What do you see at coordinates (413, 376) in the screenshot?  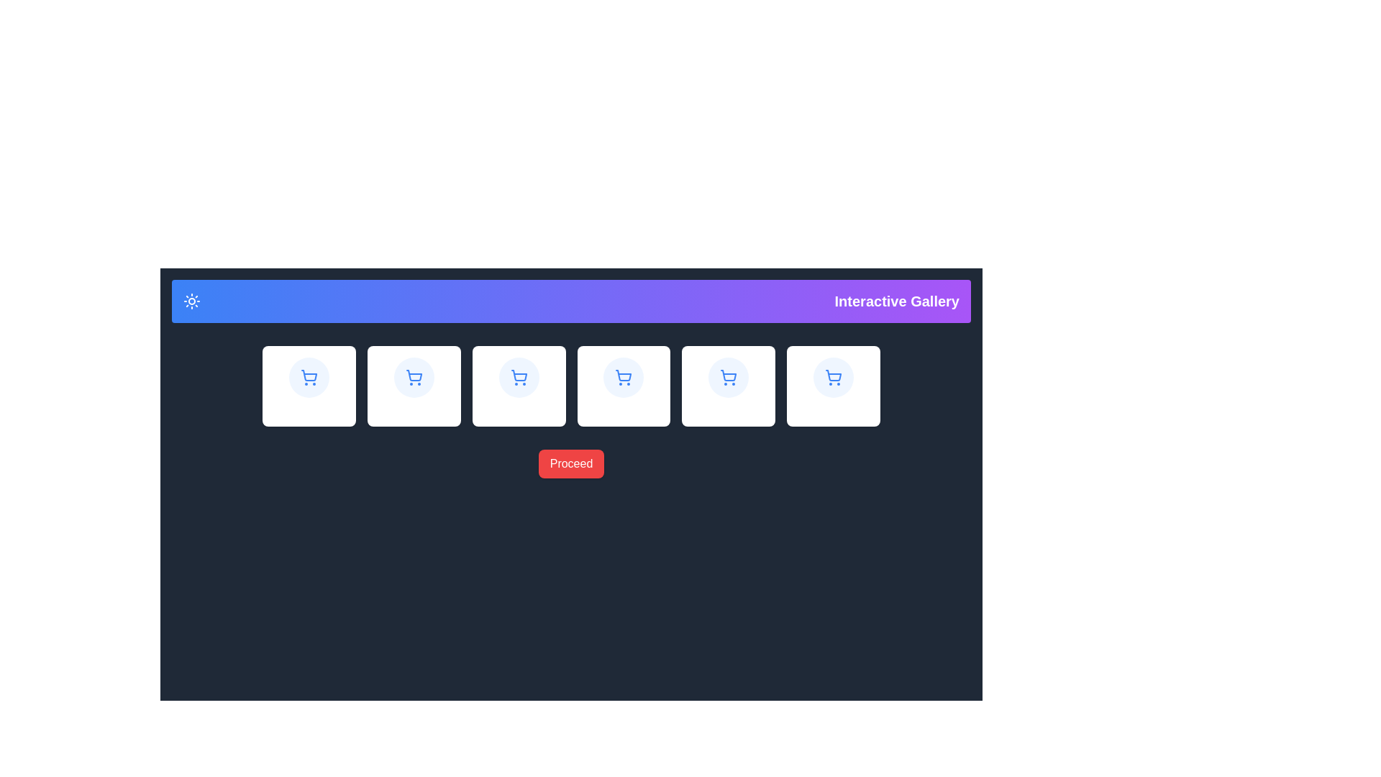 I see `the shopping cart icon, which is a blue outlined icon within a circular button` at bounding box center [413, 376].